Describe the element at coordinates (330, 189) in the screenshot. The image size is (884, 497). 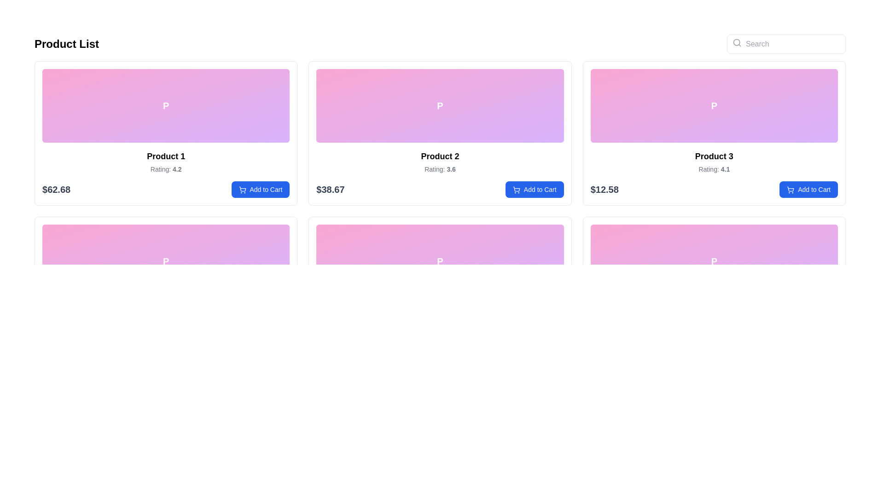
I see `the price text label displaying the cost of 'Product 2', which is located beneath the product title and rating within the 'Product 2' card in the product grid` at that location.